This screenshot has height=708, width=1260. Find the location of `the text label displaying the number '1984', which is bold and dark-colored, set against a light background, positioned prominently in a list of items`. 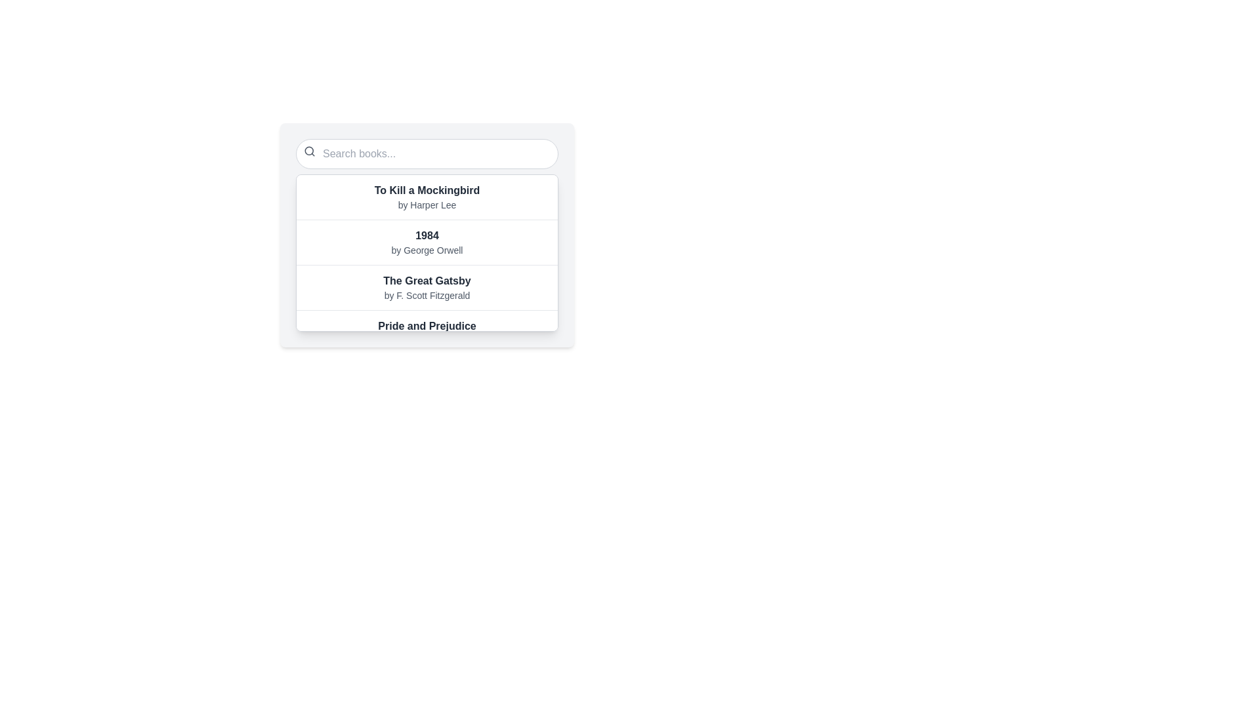

the text label displaying the number '1984', which is bold and dark-colored, set against a light background, positioned prominently in a list of items is located at coordinates (427, 235).